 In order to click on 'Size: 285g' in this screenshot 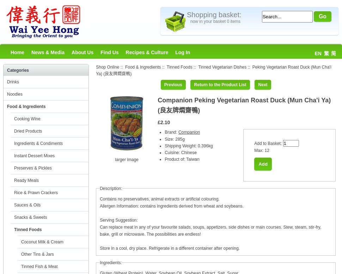, I will do `click(174, 139)`.